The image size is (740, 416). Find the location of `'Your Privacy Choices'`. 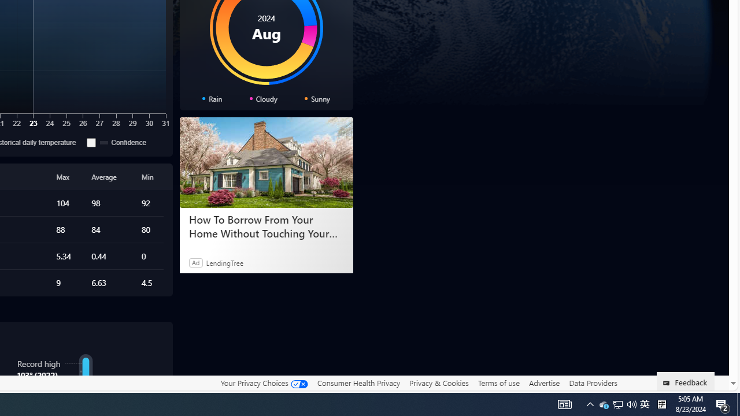

'Your Privacy Choices' is located at coordinates (263, 383).